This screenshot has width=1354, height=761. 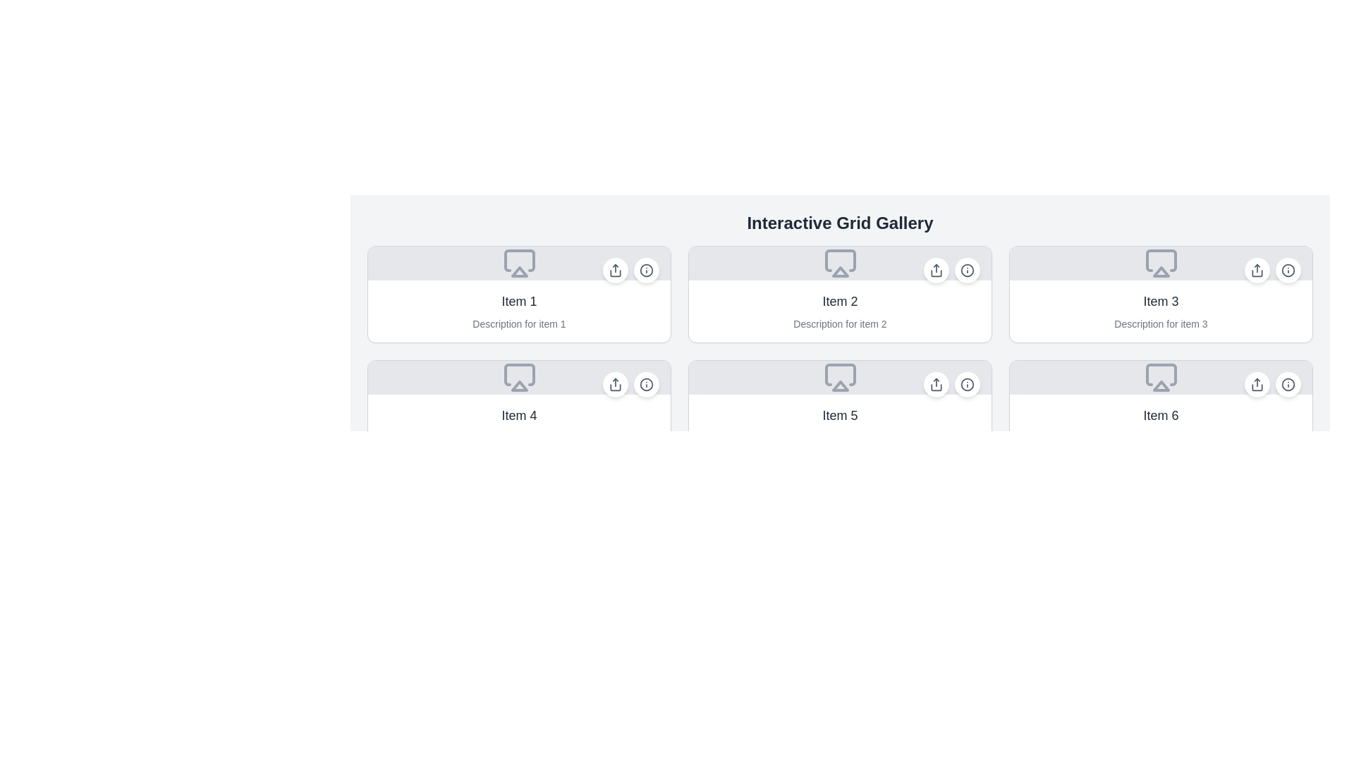 What do you see at coordinates (645, 385) in the screenshot?
I see `the information button located in the top-right corner of the grid cell labeled 'Item 4'` at bounding box center [645, 385].